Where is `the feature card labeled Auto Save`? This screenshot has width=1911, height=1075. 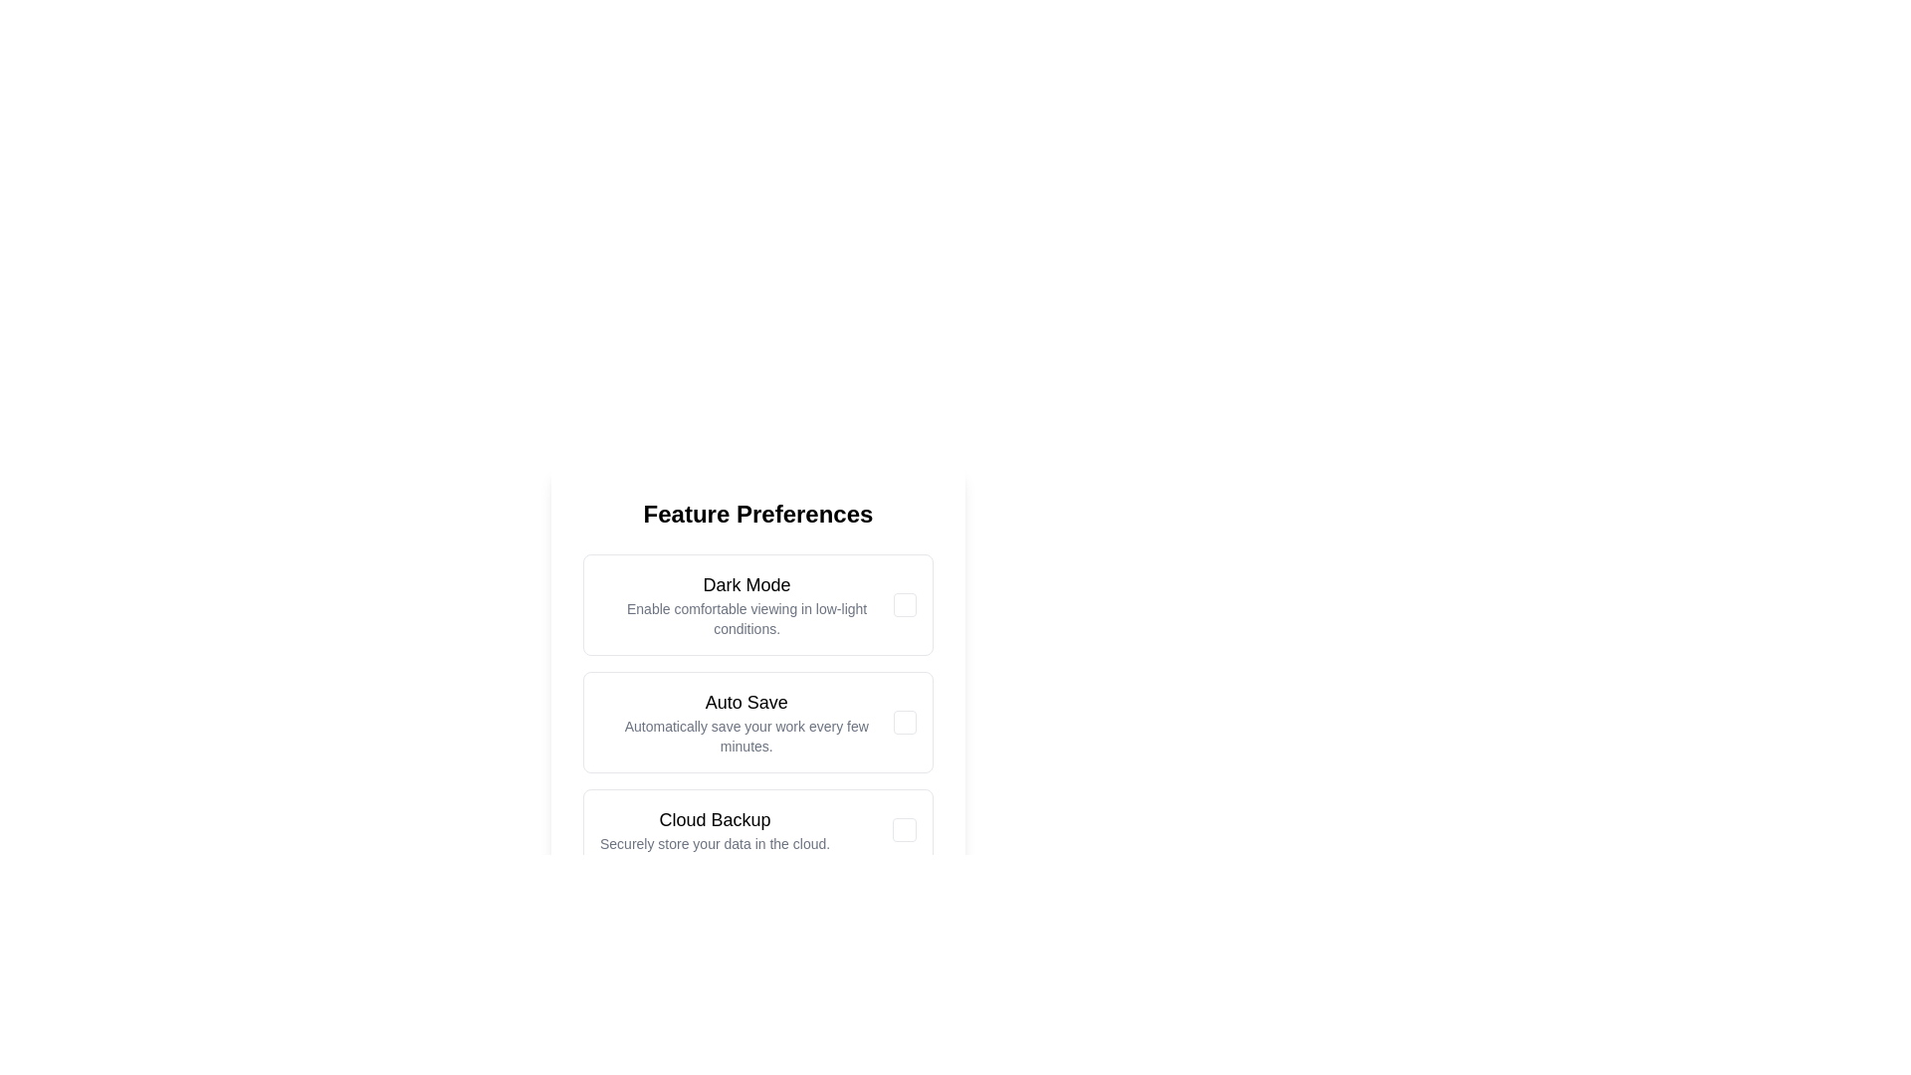
the feature card labeled Auto Save is located at coordinates (745, 722).